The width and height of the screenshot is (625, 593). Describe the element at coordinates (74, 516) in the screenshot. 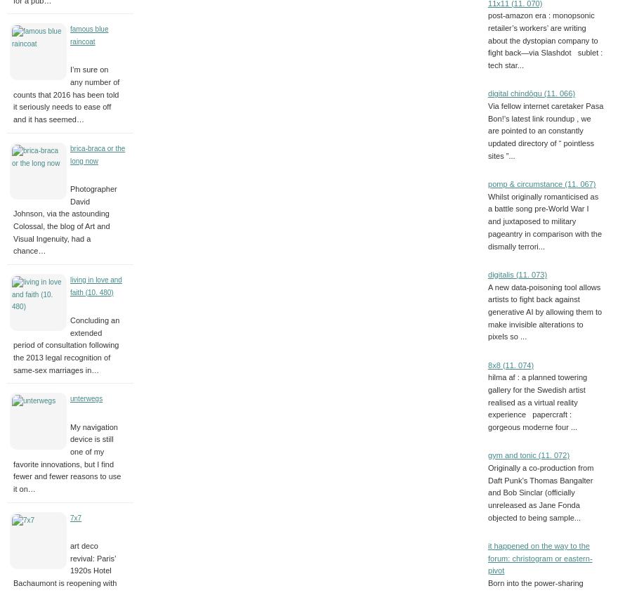

I see `'7x7'` at that location.